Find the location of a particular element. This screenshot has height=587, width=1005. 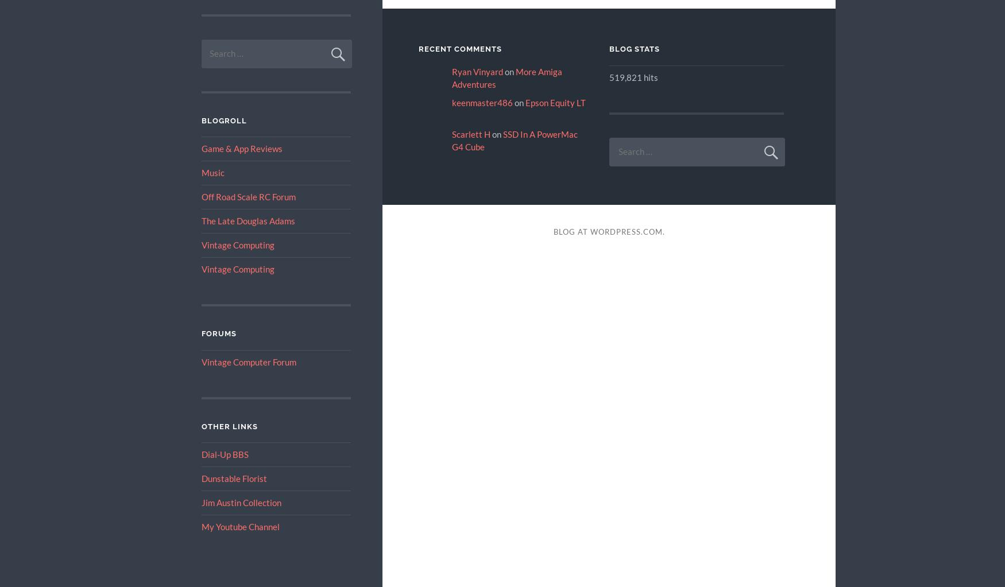

'Off Road Scale RC Forum' is located at coordinates (201, 197).